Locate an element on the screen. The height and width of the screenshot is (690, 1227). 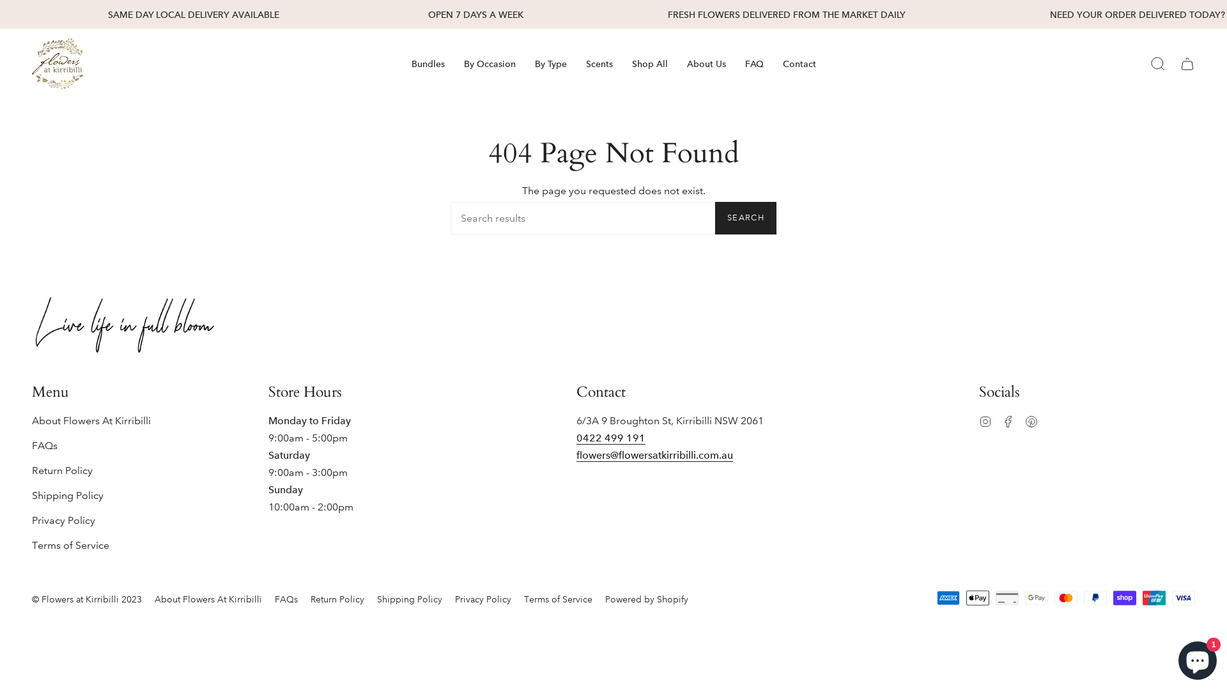
'About Flowers At Kirribilli' is located at coordinates (208, 599).